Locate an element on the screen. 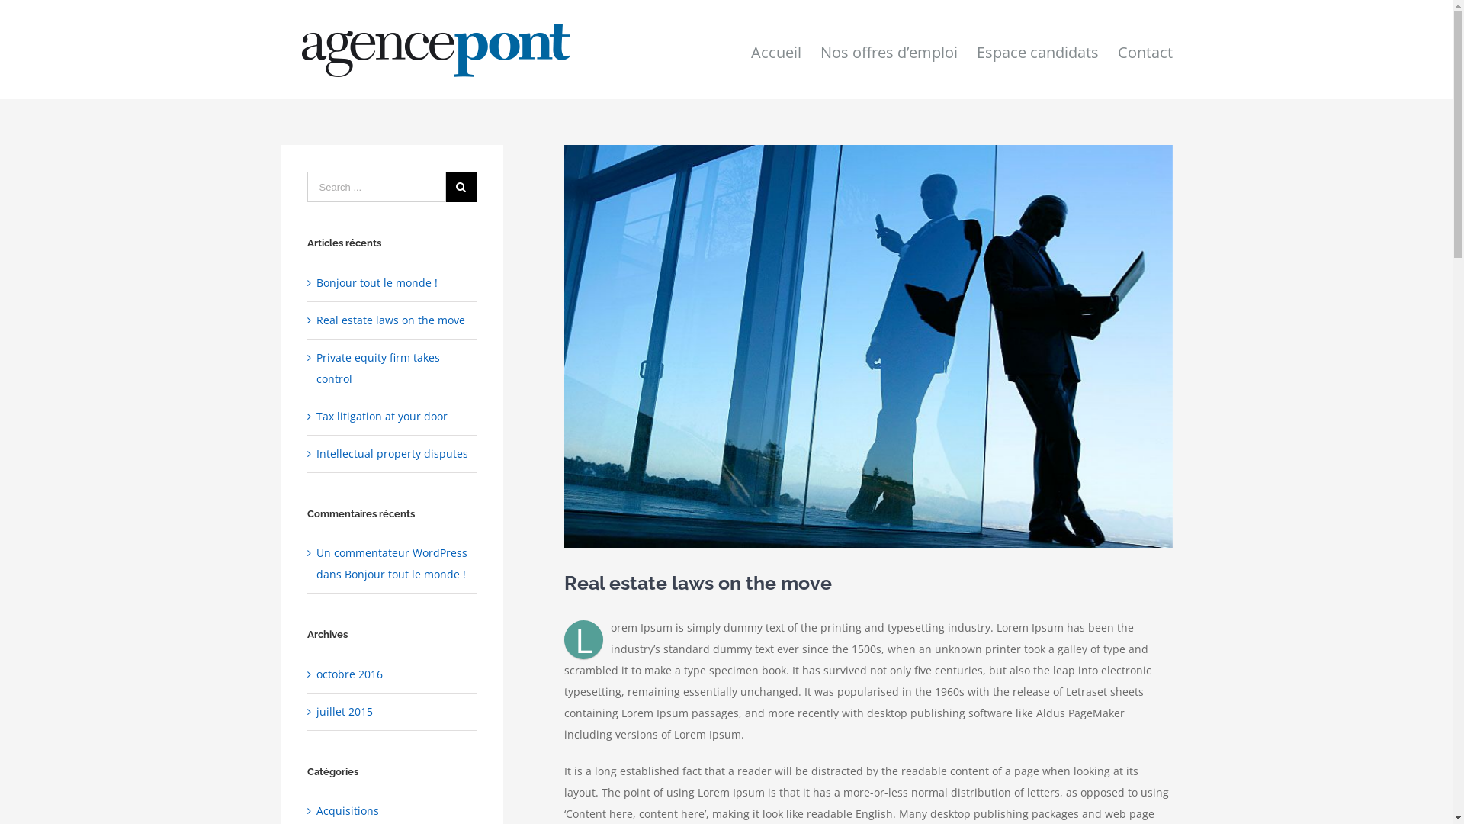  'octobre 2016' is located at coordinates (348, 673).